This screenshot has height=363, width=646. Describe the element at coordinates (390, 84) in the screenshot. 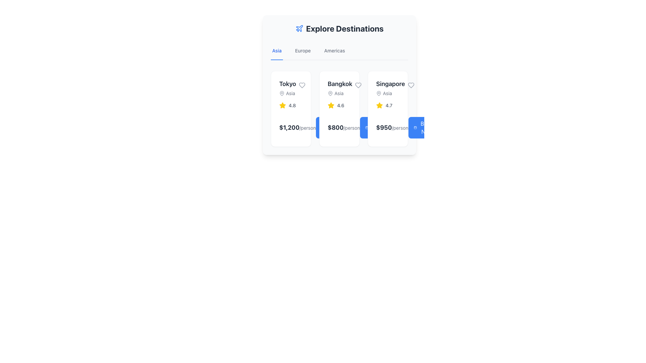

I see `text content of the header Text Label indicating the name of the destination, Singapore, located in the third column of cards under the 'Asia' section` at that location.